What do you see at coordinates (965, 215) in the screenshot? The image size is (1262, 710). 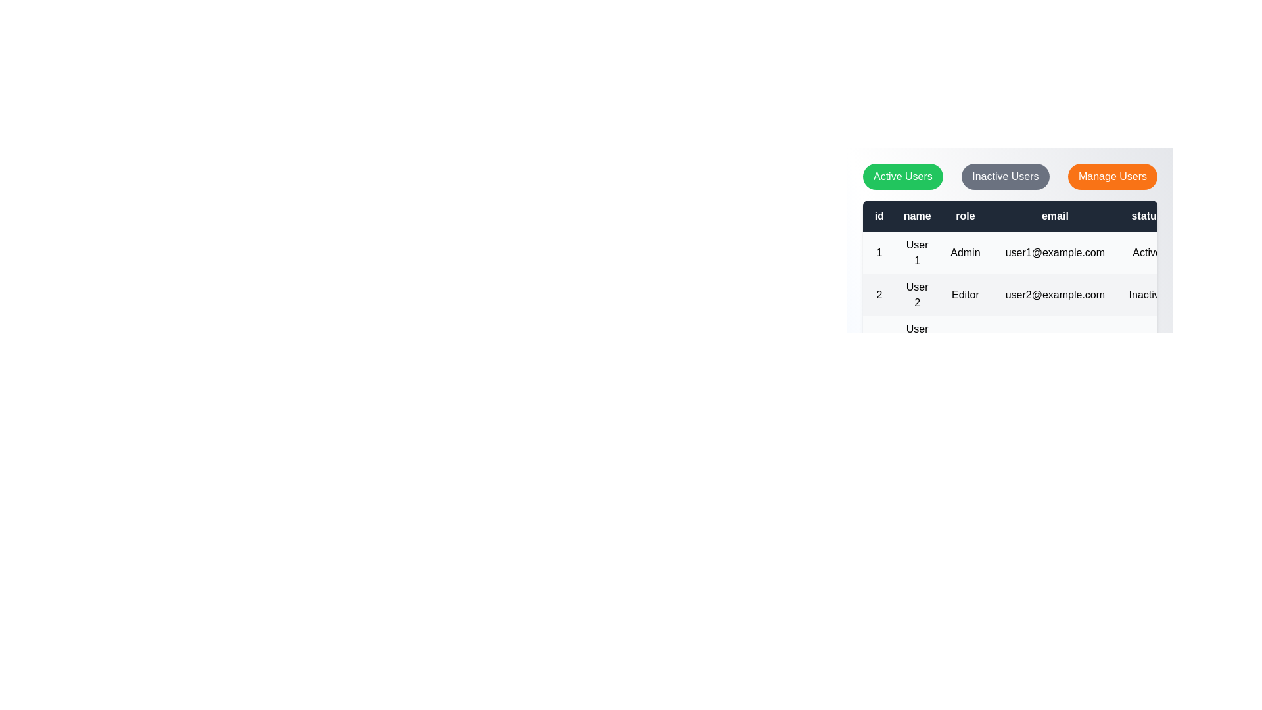 I see `the table header role to inspect its data` at bounding box center [965, 215].